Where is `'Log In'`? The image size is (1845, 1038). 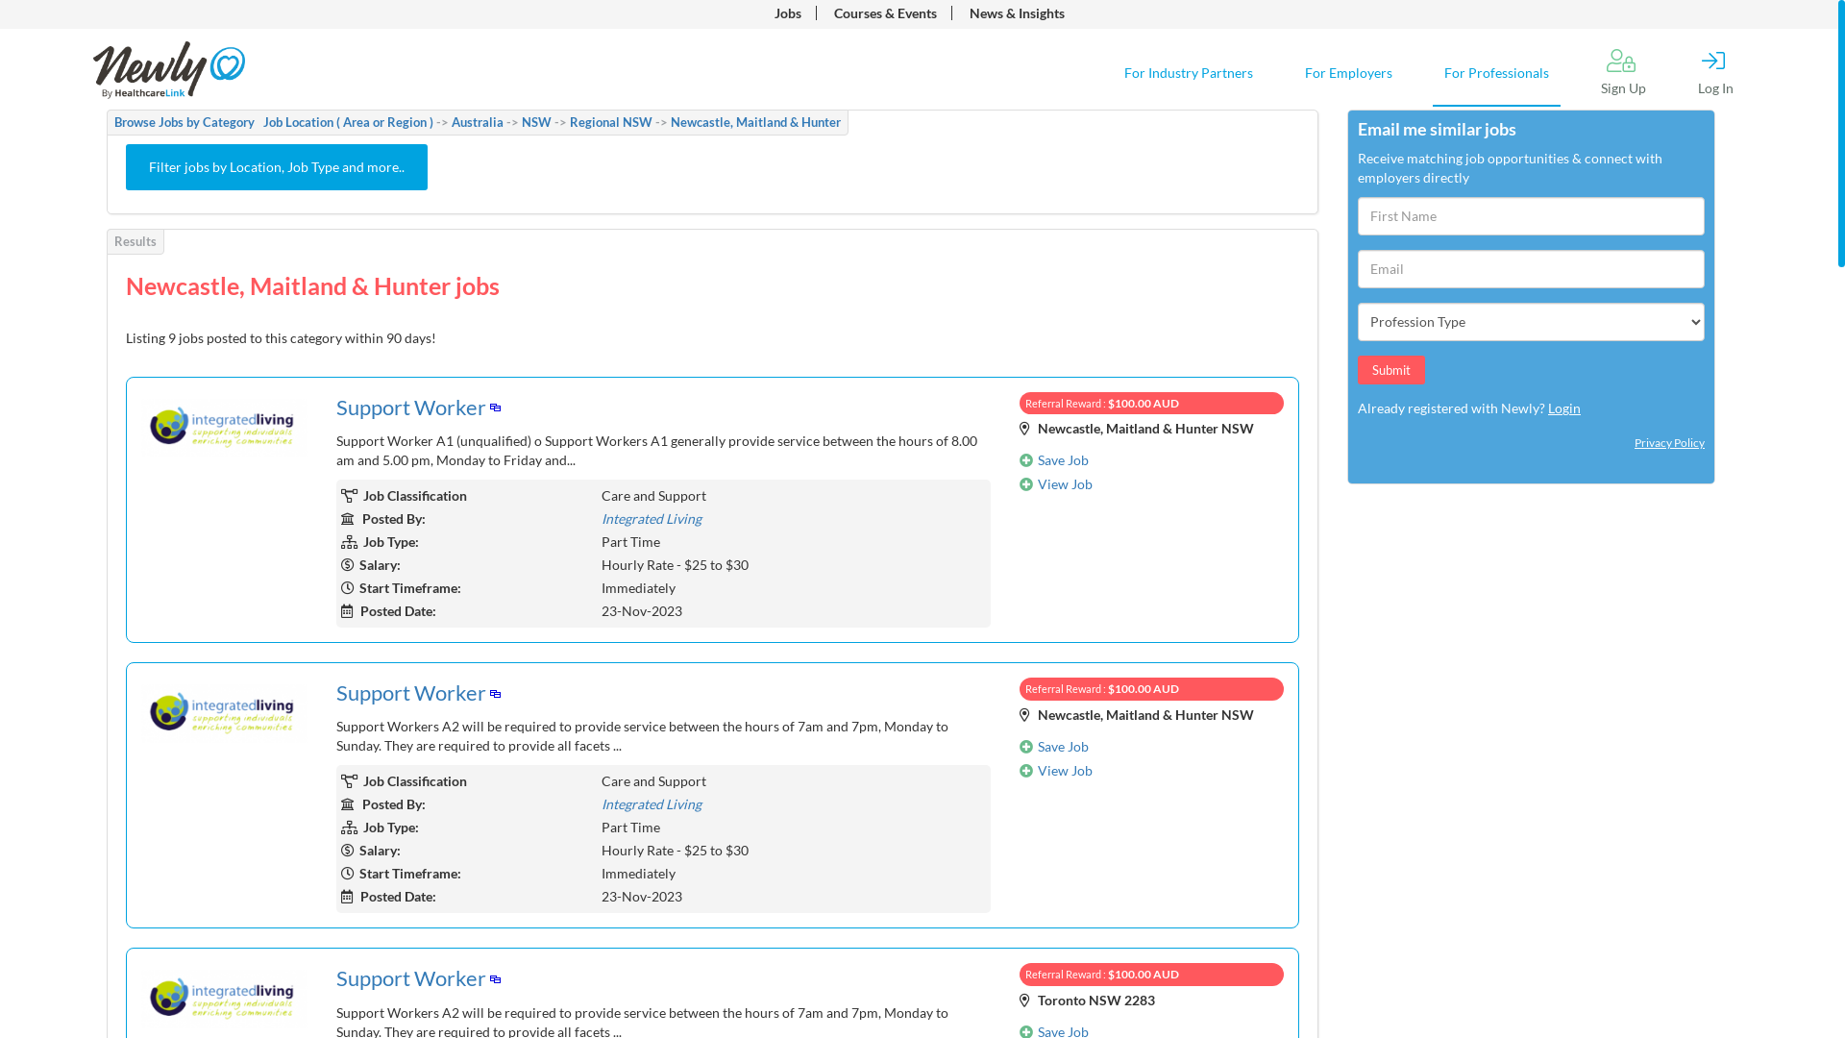 'Log In' is located at coordinates (1715, 72).